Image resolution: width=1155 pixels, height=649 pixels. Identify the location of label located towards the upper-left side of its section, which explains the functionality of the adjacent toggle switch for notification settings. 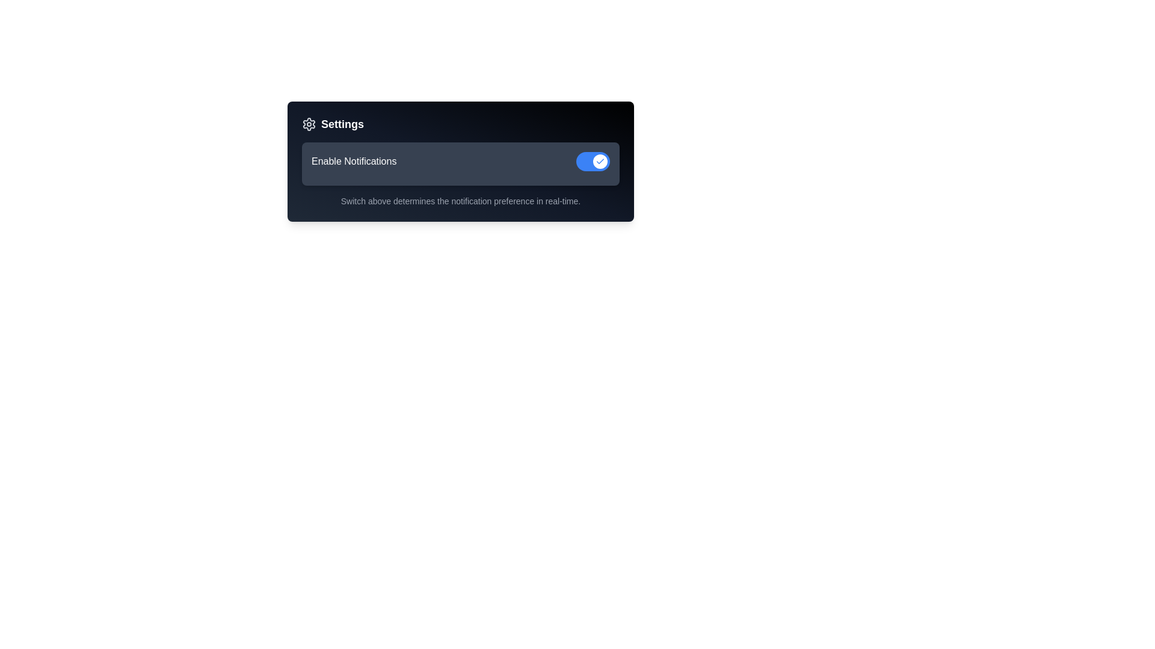
(353, 161).